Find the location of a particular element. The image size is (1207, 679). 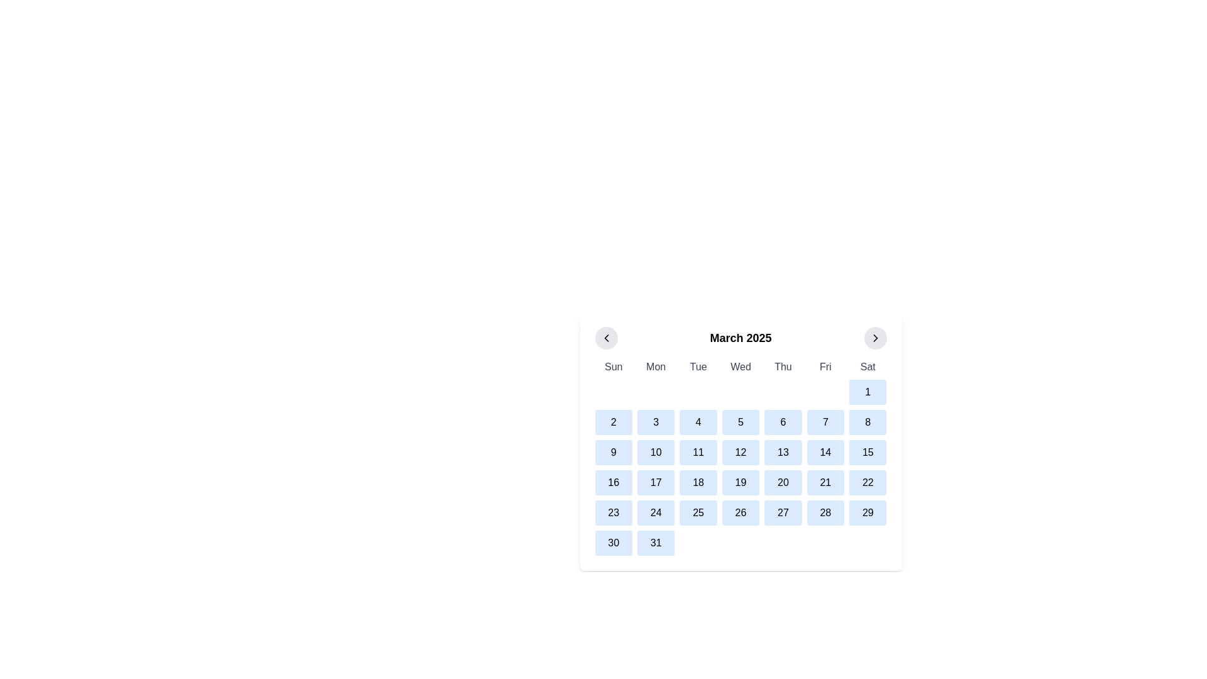

the button representing the date '31' in the bottom-right corner of the calendar grid under the 'Sat' column is located at coordinates (655, 543).